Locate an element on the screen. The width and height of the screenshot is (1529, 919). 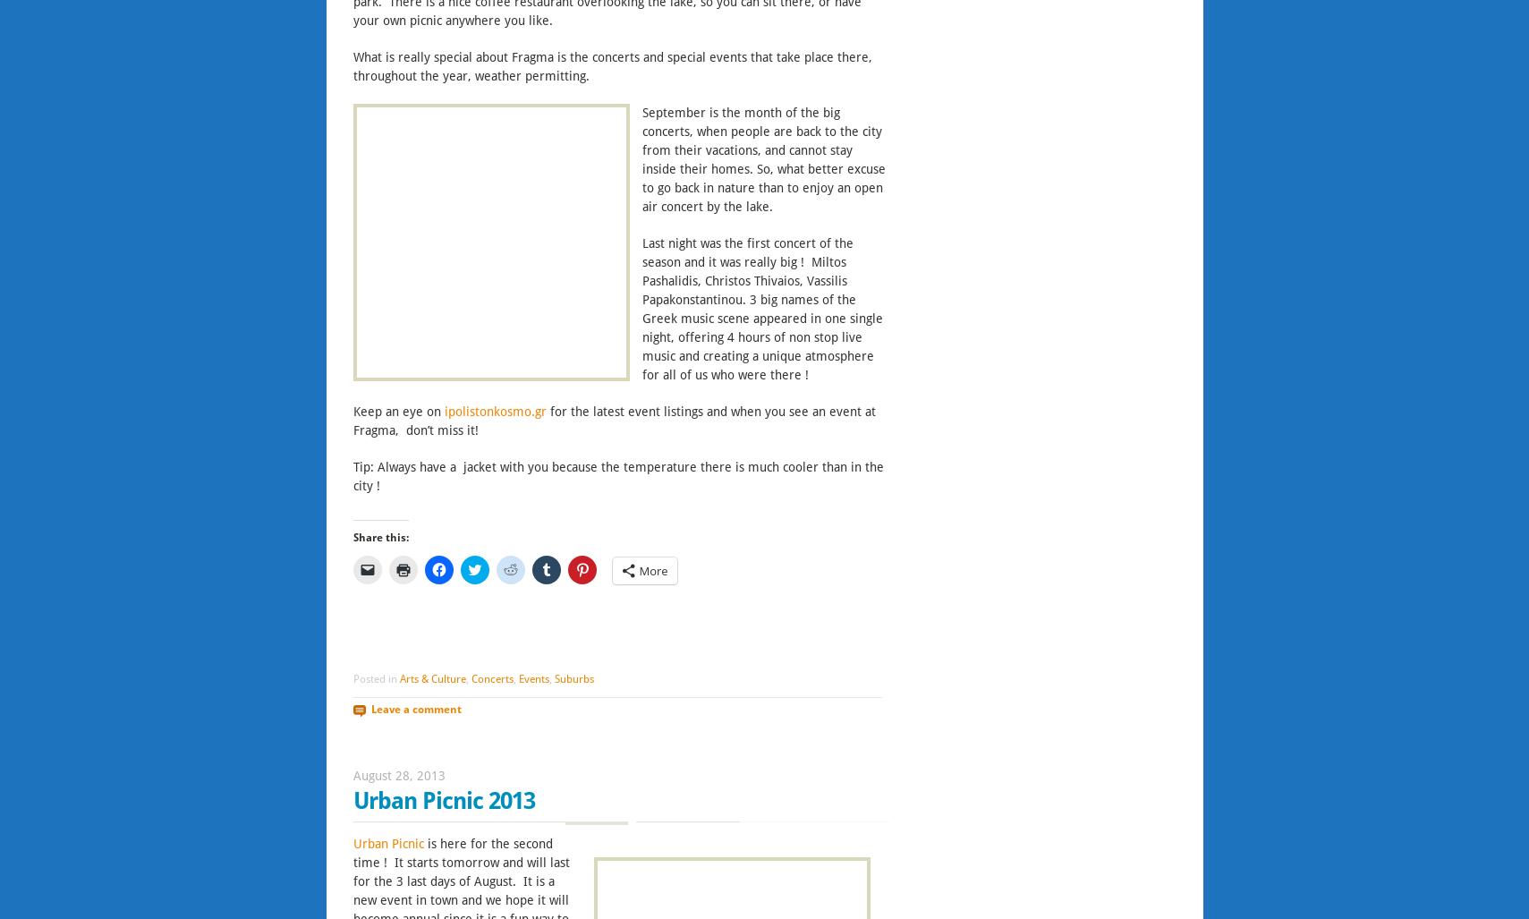
'Urban Picnic 2013' is located at coordinates (442, 800).